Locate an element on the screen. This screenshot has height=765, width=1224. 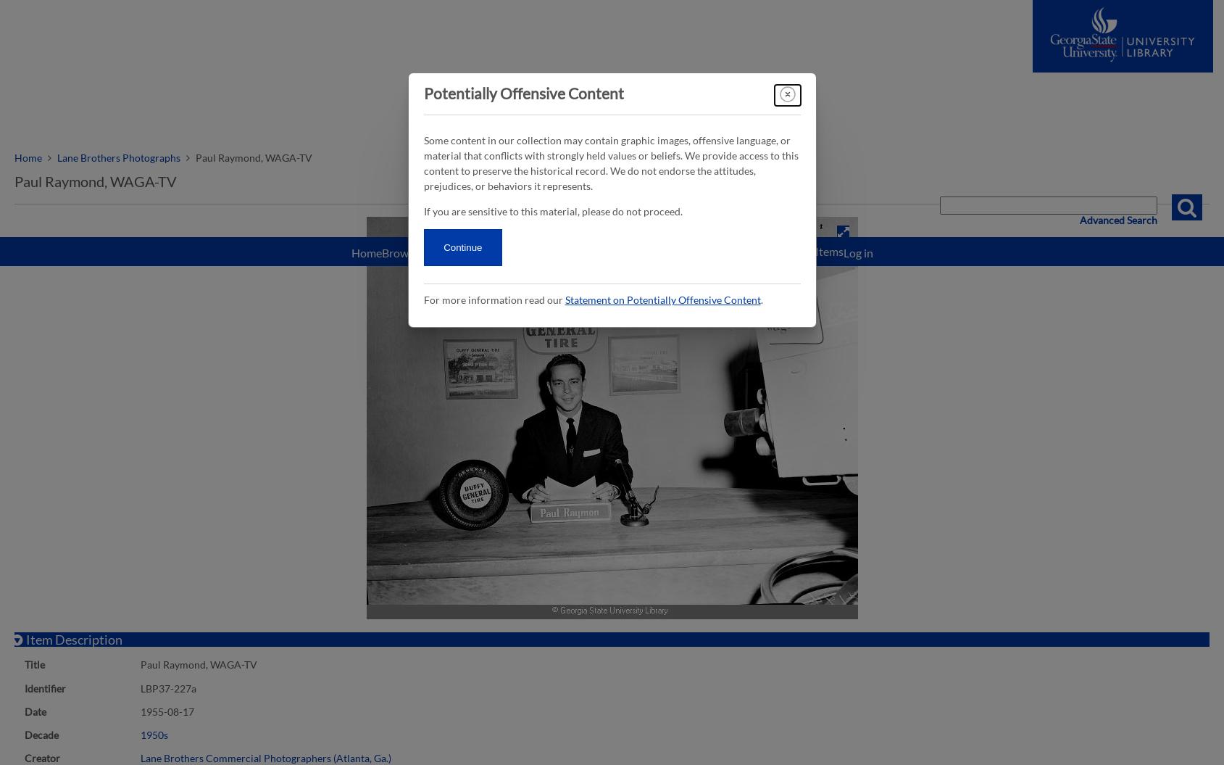
'Title' is located at coordinates (33, 663).